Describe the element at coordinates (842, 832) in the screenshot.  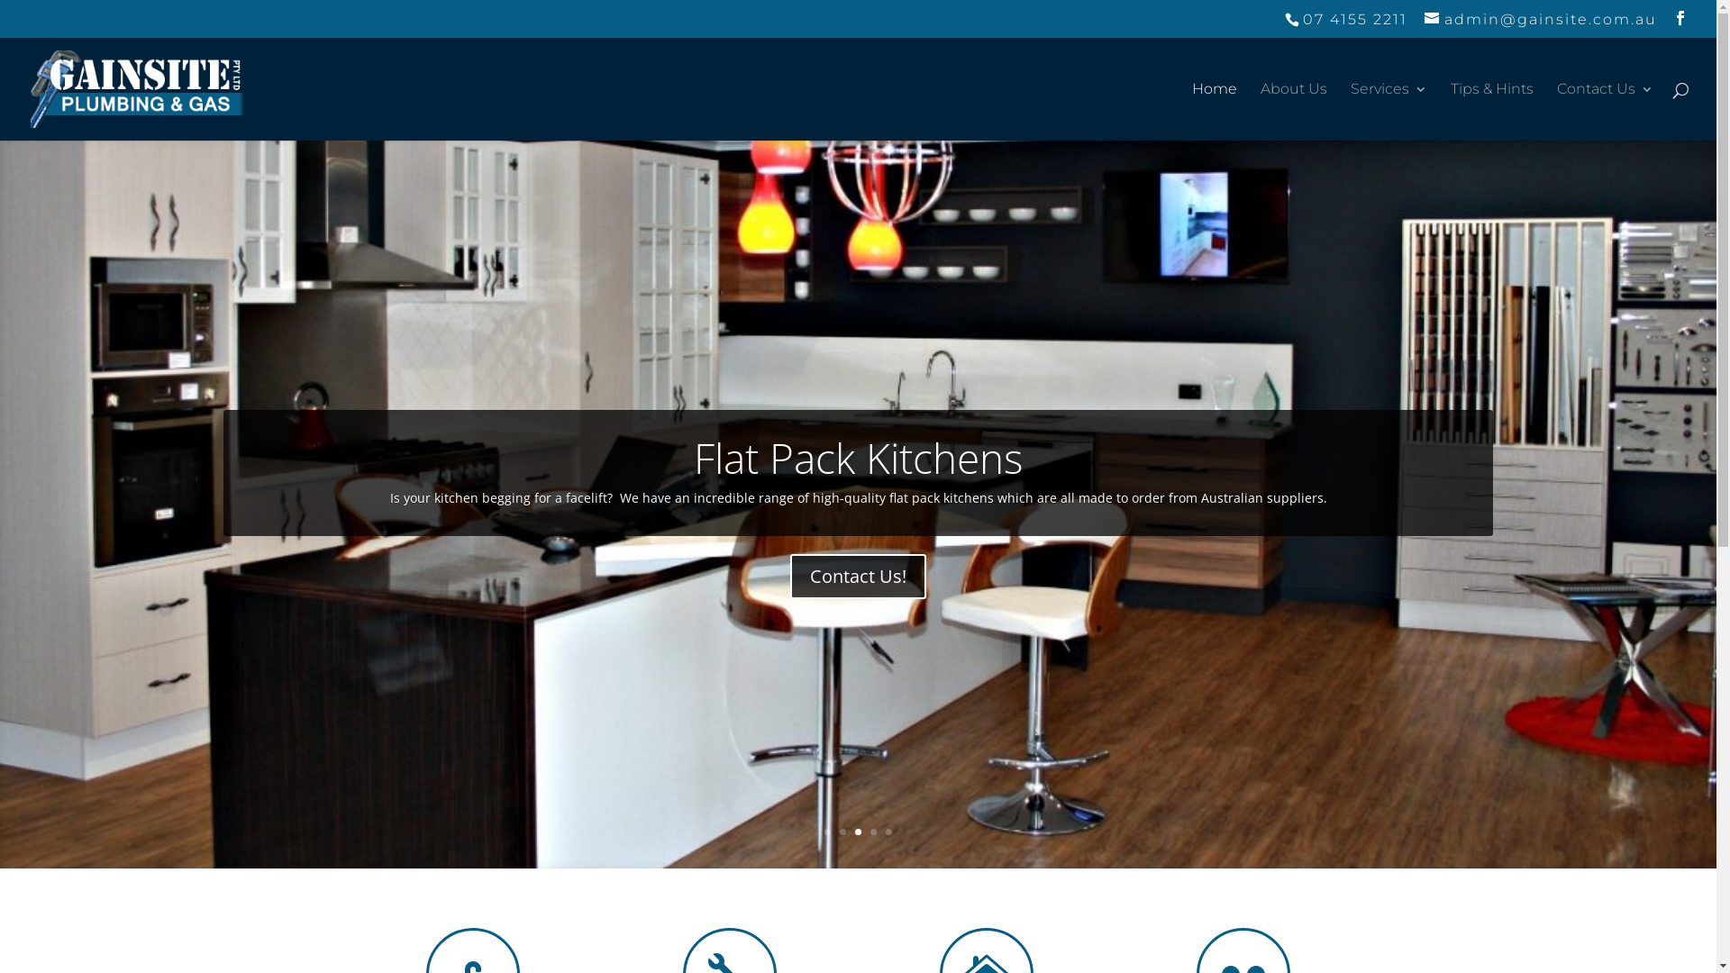
I see `'2'` at that location.